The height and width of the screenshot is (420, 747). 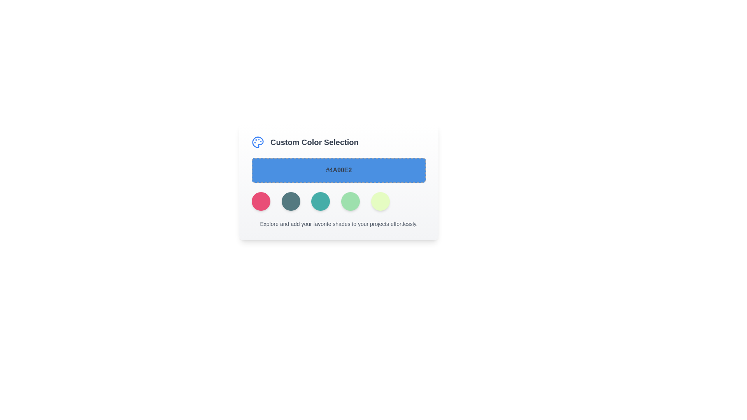 I want to click on the fifth circular button in a horizontal row of six buttons, so click(x=380, y=201).